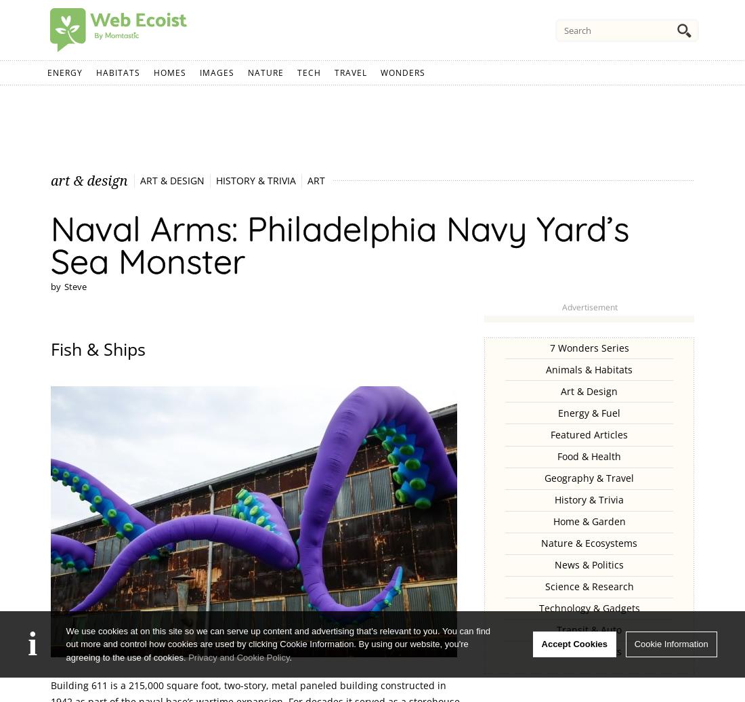 The image size is (745, 702). What do you see at coordinates (588, 586) in the screenshot?
I see `'Science & Research'` at bounding box center [588, 586].